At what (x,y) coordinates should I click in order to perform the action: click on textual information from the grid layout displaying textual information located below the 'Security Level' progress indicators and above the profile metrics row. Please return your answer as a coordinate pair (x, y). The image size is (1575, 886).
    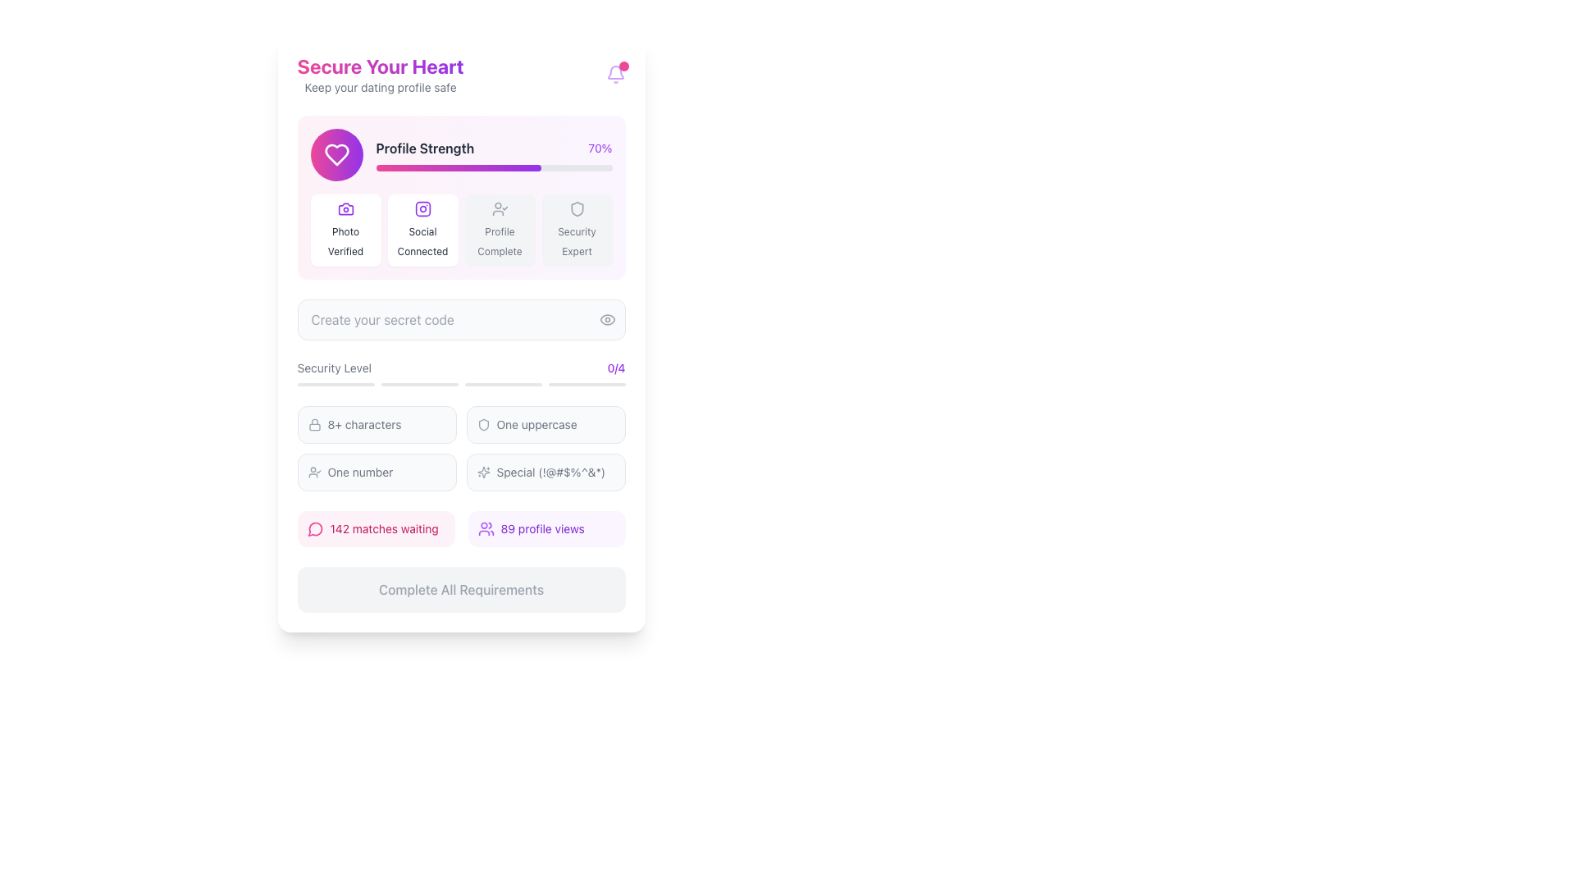
    Looking at the image, I should click on (460, 449).